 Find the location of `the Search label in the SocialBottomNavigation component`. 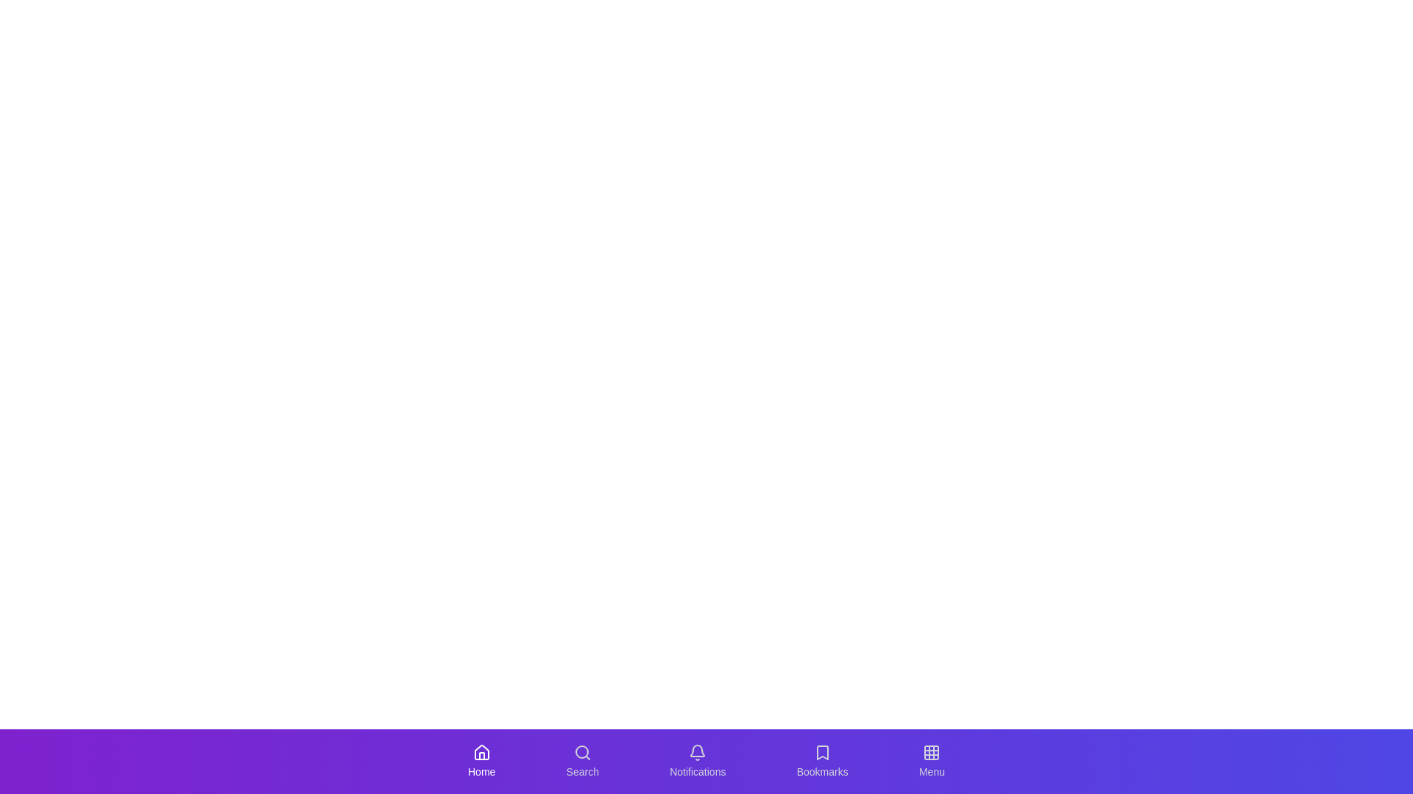

the Search label in the SocialBottomNavigation component is located at coordinates (581, 770).